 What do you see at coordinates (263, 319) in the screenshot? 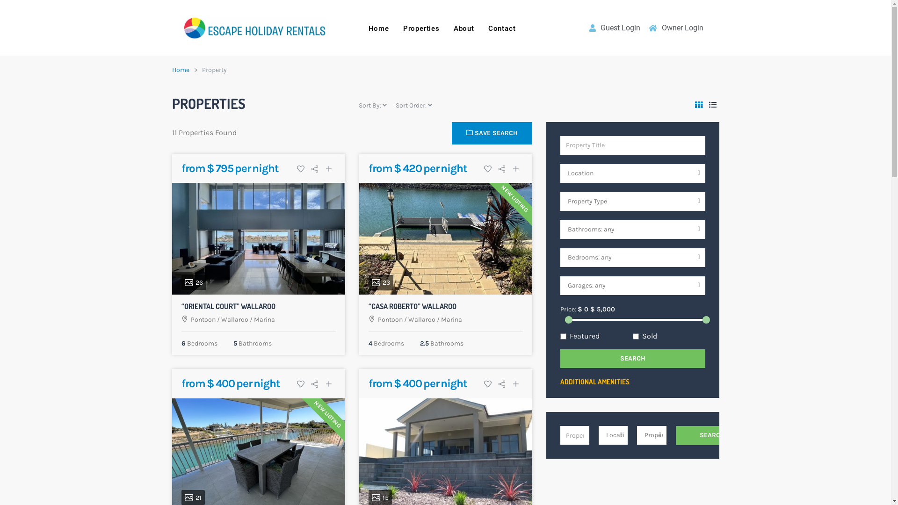
I see `'Marina'` at bounding box center [263, 319].